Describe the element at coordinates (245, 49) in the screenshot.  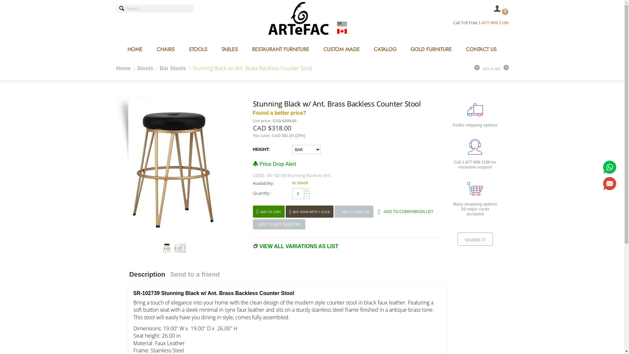
I see `'RESTAURANT FURNITURE'` at that location.